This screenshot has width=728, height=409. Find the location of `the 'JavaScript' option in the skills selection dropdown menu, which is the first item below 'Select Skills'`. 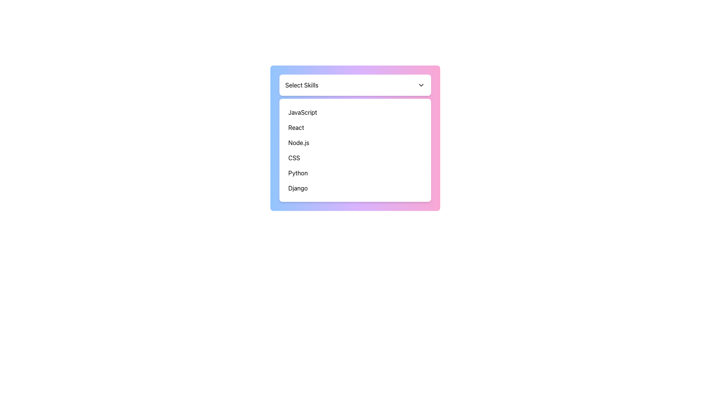

the 'JavaScript' option in the skills selection dropdown menu, which is the first item below 'Select Skills' is located at coordinates (355, 112).